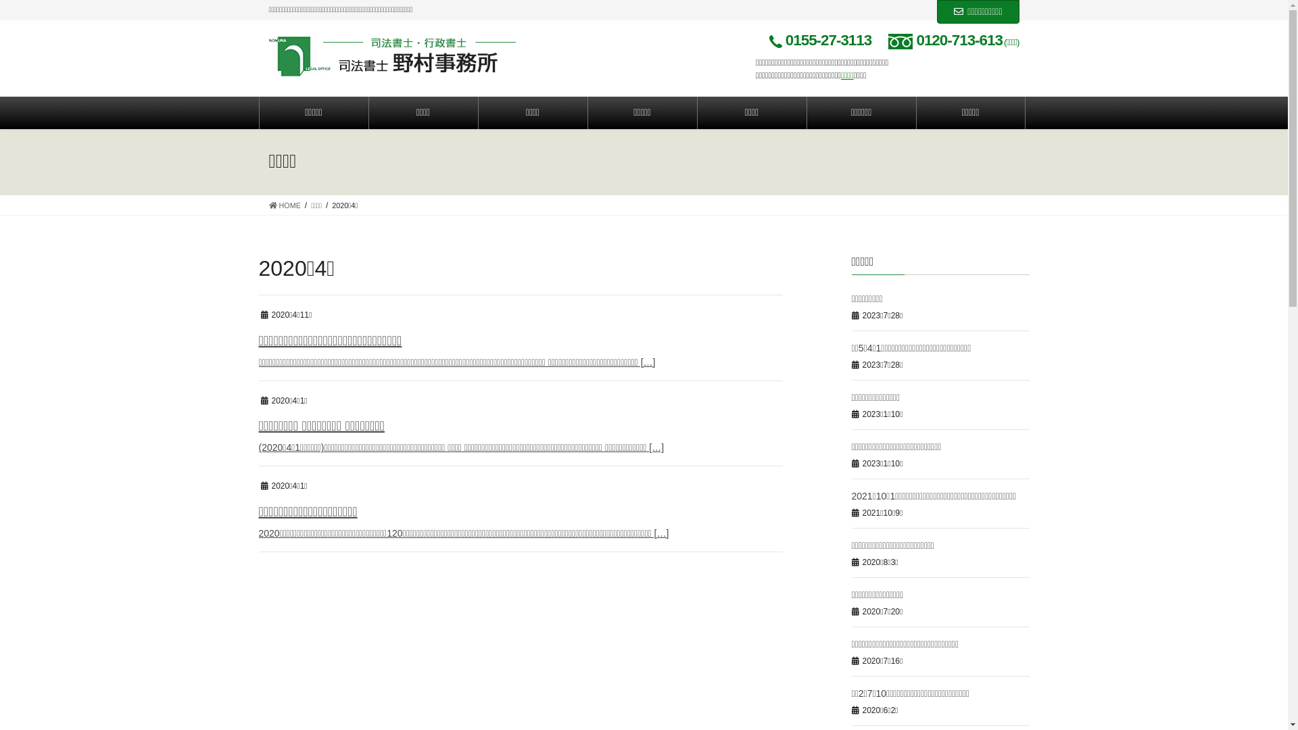 The width and height of the screenshot is (1298, 730). I want to click on 'HOME', so click(284, 205).